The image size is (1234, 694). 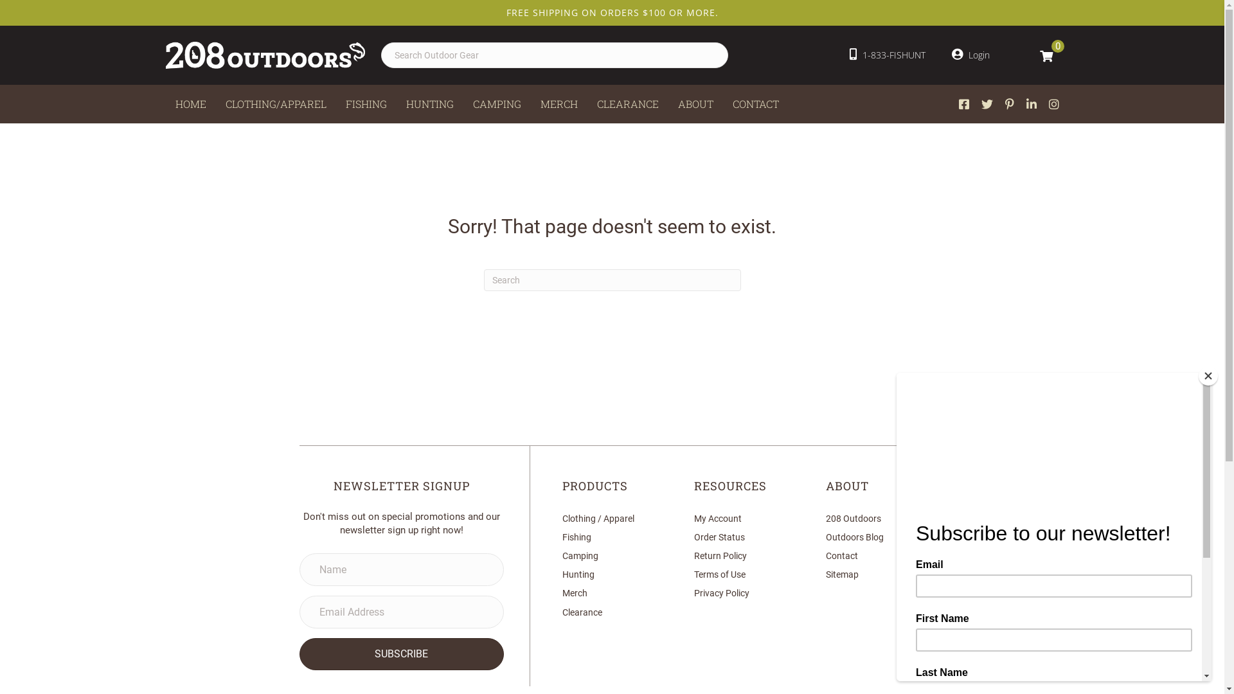 I want to click on 'MERCH', so click(x=530, y=103).